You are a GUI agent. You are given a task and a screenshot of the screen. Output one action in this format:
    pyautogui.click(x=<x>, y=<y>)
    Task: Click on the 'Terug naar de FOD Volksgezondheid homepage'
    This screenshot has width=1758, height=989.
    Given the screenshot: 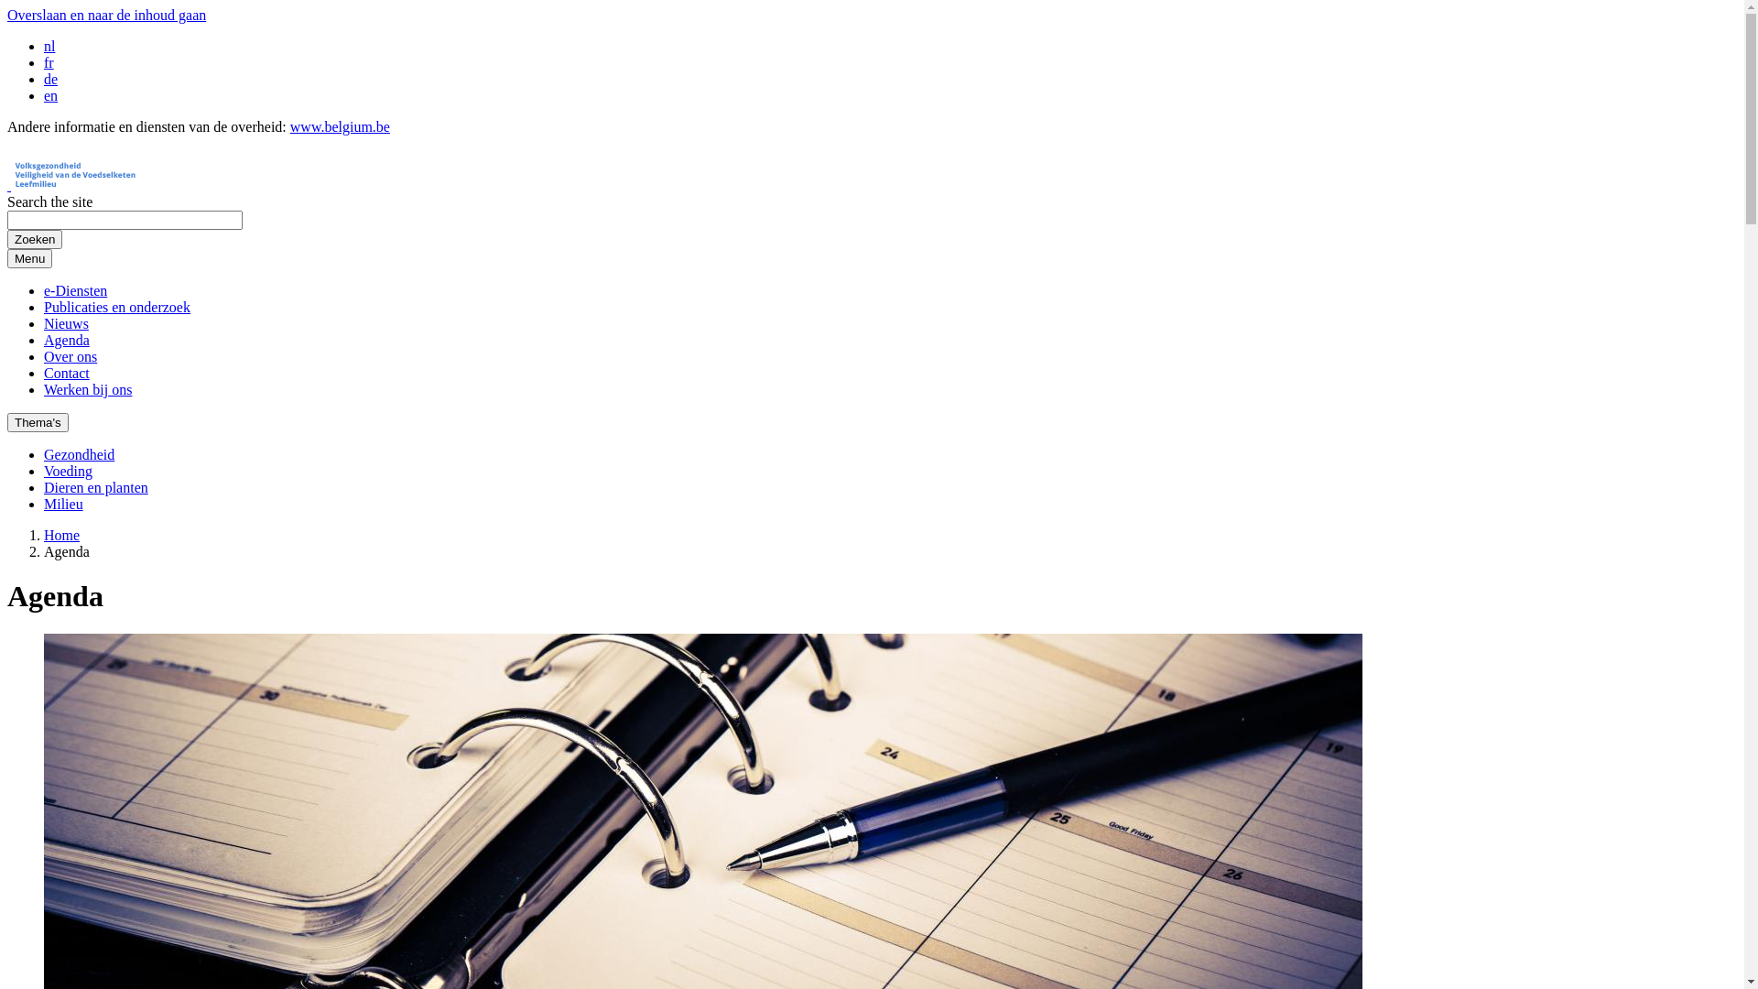 What is the action you would take?
    pyautogui.click(x=169, y=185)
    